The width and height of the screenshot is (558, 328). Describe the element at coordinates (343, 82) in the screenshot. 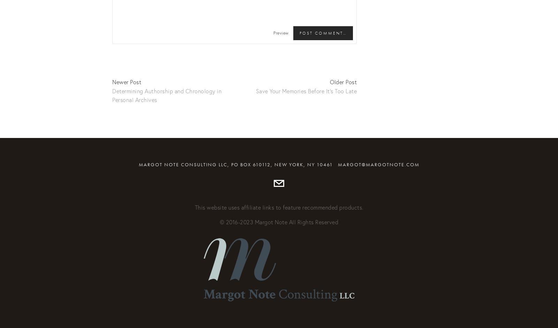

I see `'Older Post'` at that location.